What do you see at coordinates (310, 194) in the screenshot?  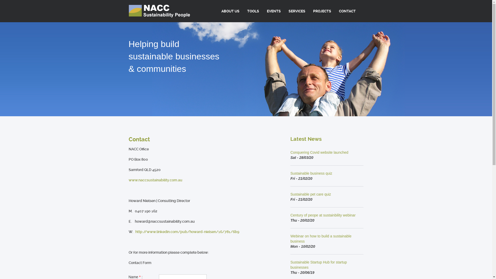 I see `'Sustainable pet care quiz'` at bounding box center [310, 194].